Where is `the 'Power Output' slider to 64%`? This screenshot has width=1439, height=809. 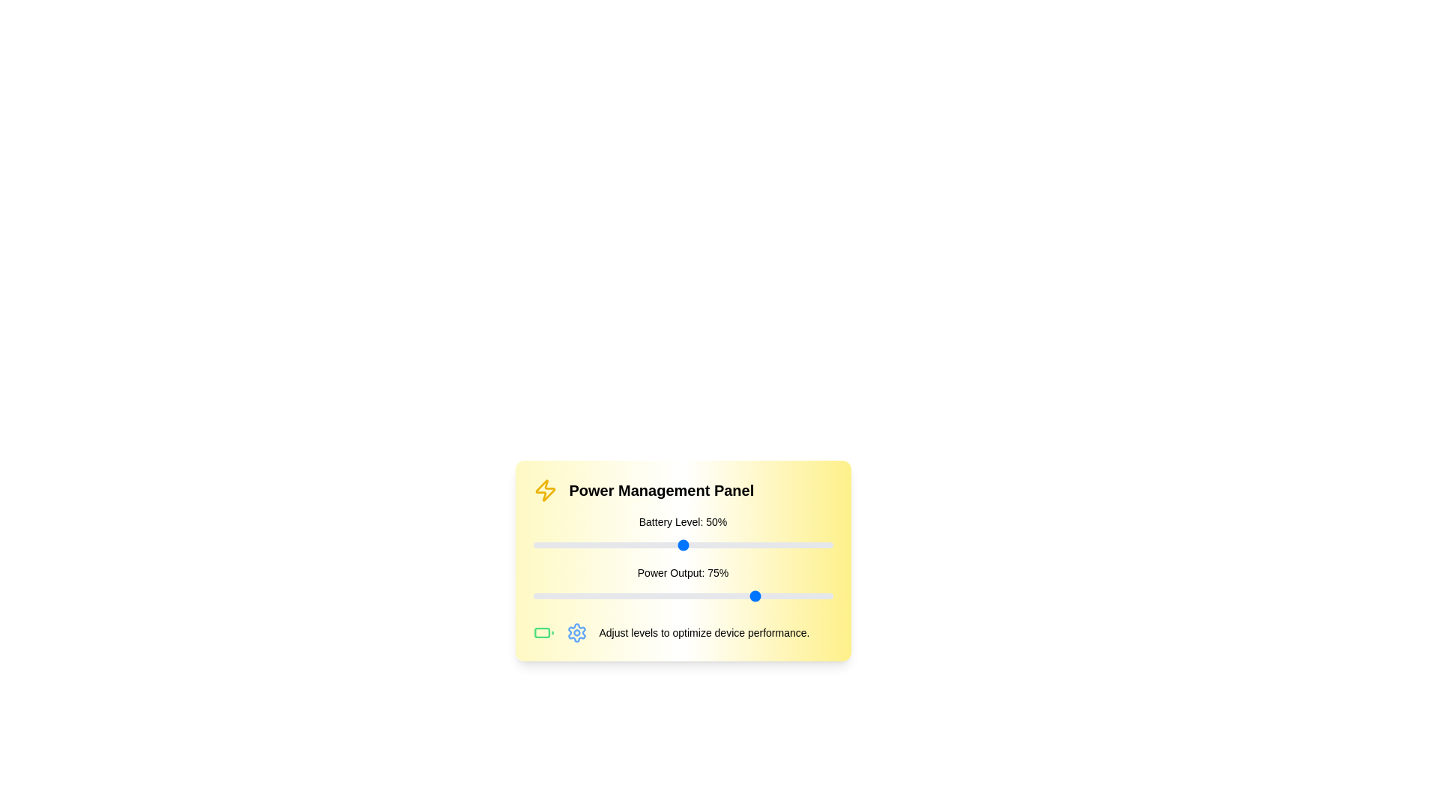
the 'Power Output' slider to 64% is located at coordinates (725, 595).